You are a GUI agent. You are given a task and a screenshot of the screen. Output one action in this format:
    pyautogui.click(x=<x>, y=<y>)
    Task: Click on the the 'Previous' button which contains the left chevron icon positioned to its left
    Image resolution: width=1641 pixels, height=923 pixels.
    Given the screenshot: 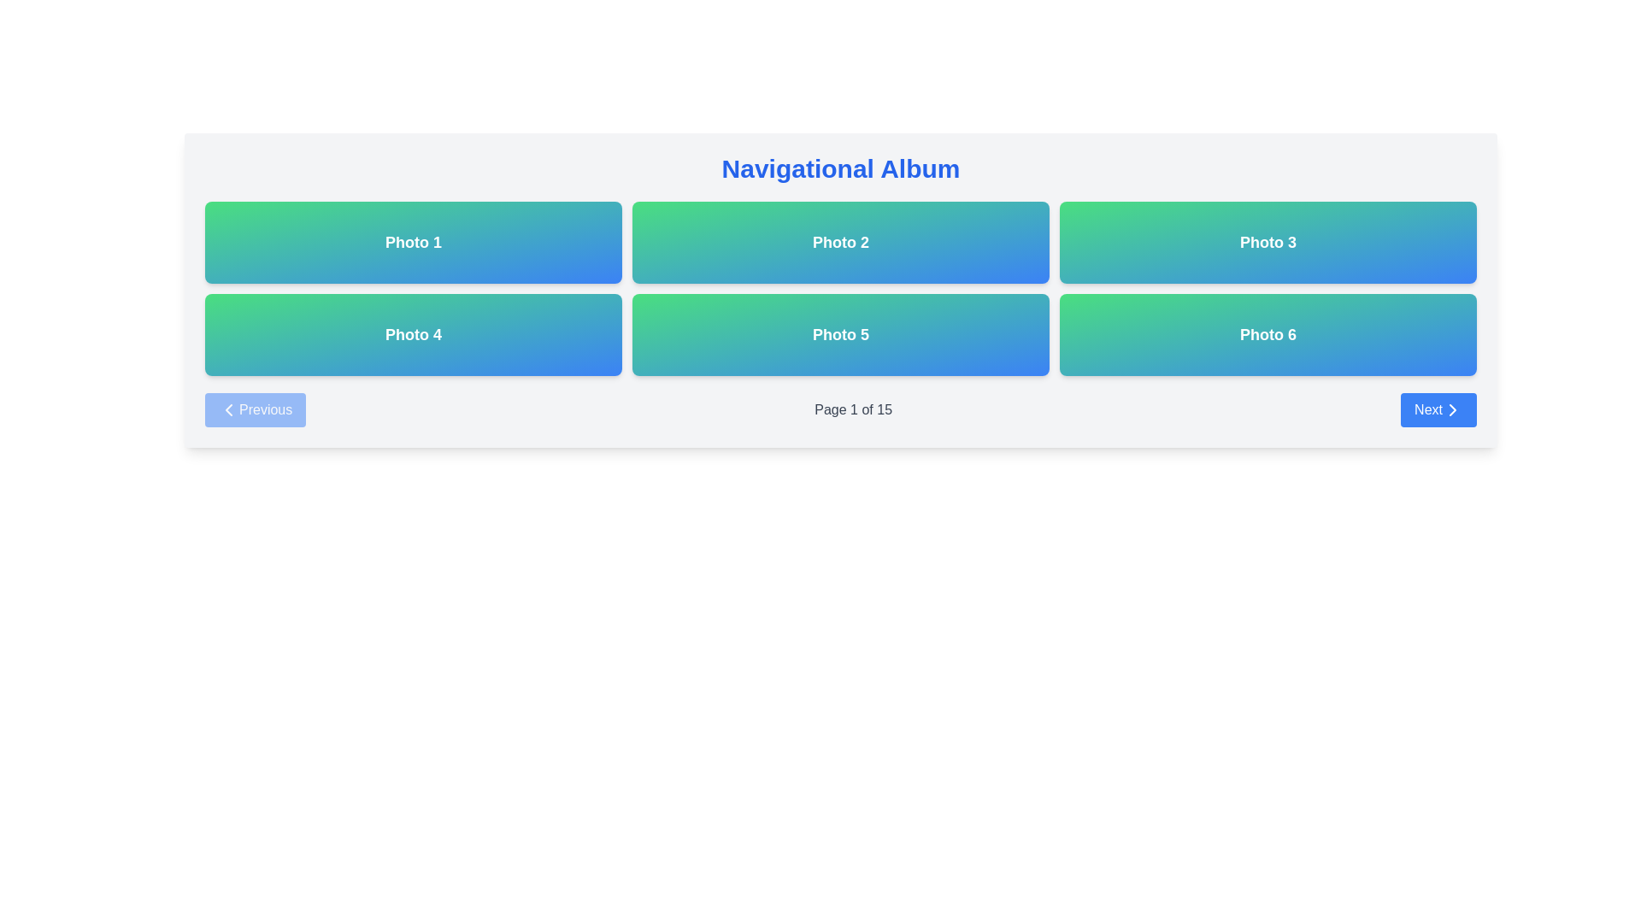 What is the action you would take?
    pyautogui.click(x=228, y=409)
    